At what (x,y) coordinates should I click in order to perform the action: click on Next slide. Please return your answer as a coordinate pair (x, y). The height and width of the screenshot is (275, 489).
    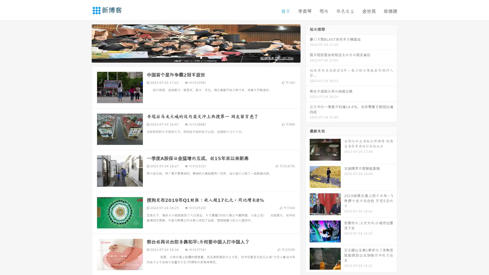
    Looking at the image, I should click on (308, 43).